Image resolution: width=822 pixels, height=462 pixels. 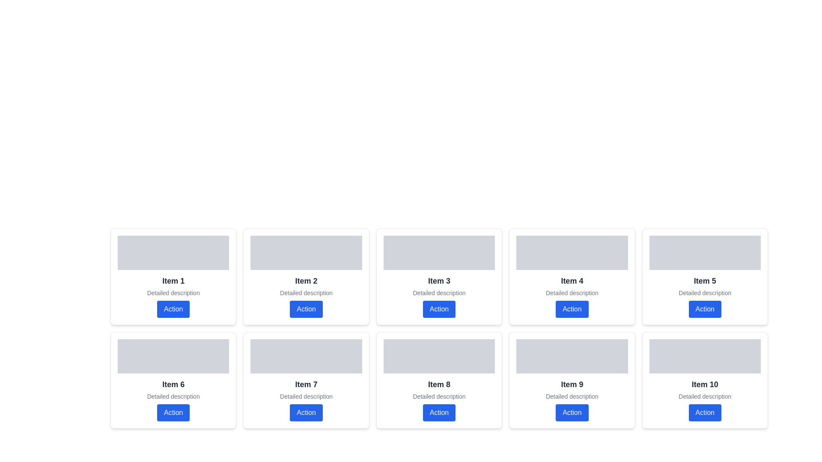 What do you see at coordinates (173, 293) in the screenshot?
I see `the text label providing additional information directly beneath the 'Item 1' label in the first card of the grid layout` at bounding box center [173, 293].